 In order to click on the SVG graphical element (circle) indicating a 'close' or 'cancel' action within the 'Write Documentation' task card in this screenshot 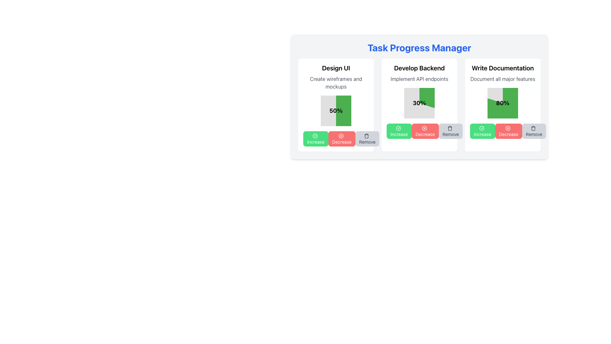, I will do `click(508, 128)`.